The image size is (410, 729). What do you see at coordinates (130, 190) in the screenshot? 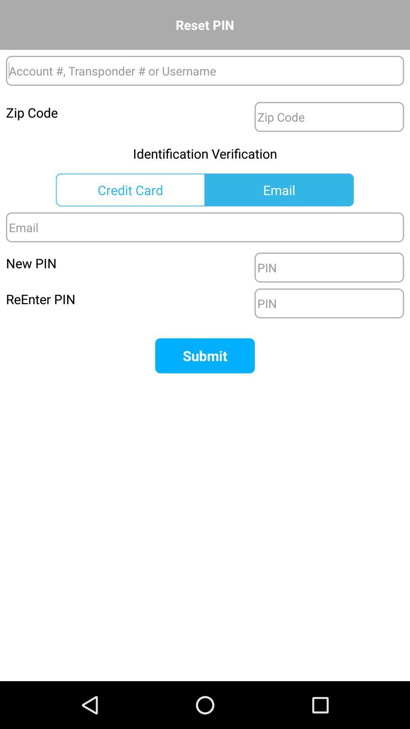
I see `the text which is left to the email` at bounding box center [130, 190].